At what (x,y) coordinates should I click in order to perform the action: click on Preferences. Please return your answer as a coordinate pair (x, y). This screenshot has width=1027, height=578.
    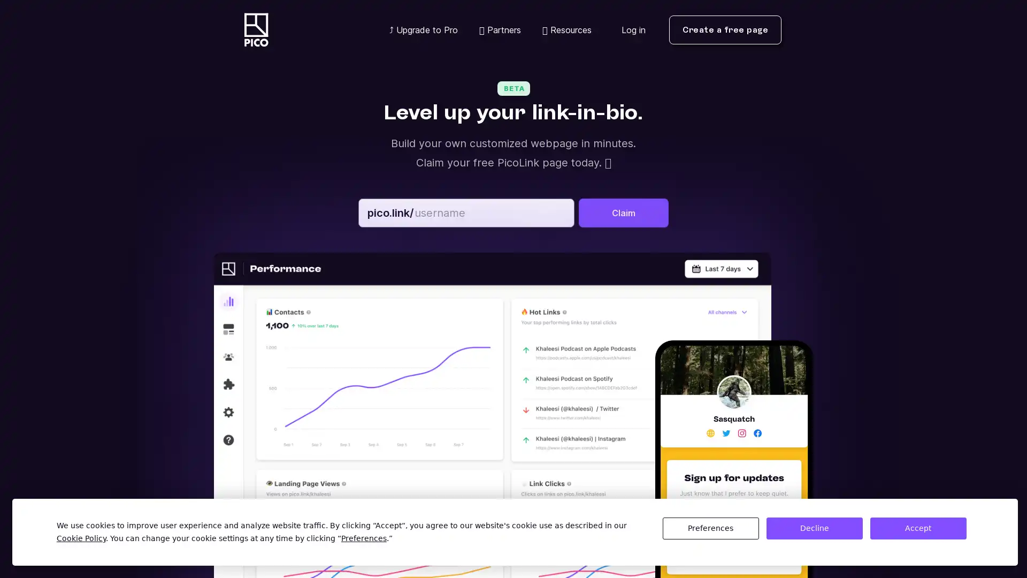
    Looking at the image, I should click on (710, 528).